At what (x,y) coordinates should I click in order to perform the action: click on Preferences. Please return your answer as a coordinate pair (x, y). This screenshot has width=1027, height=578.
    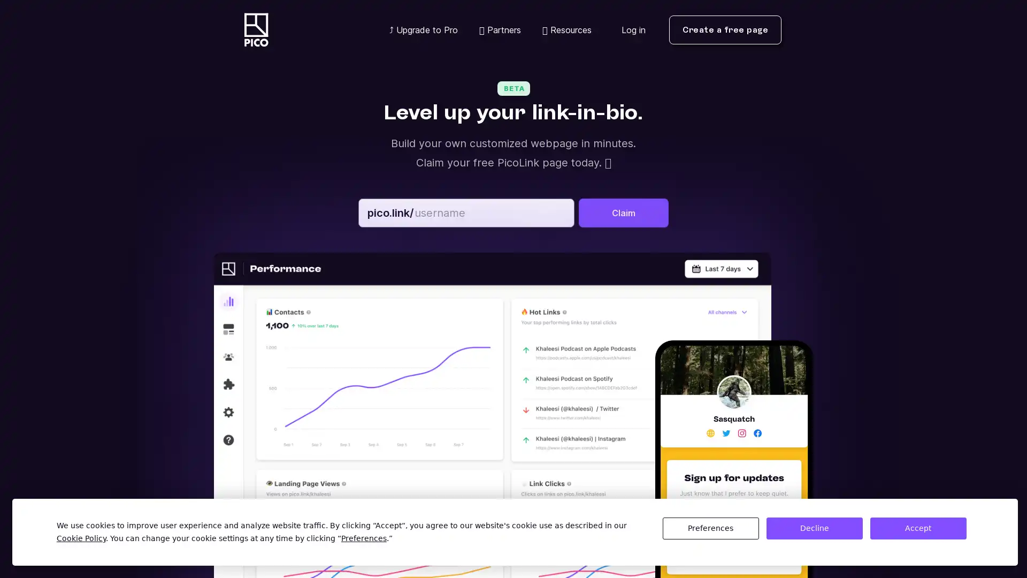
    Looking at the image, I should click on (710, 528).